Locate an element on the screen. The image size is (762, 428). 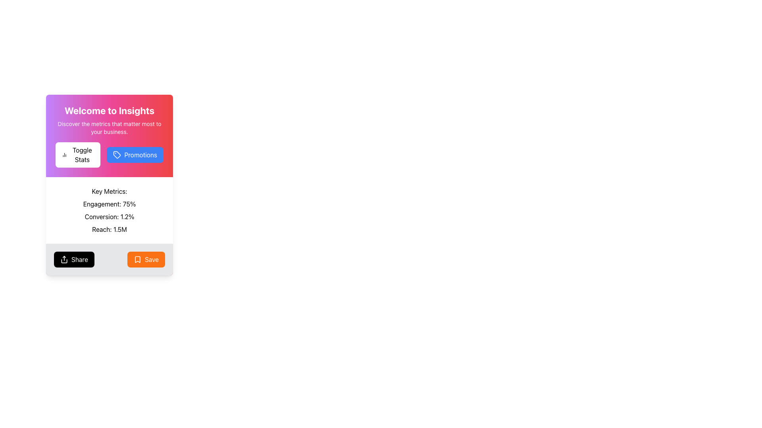
the blue tag-shaped icon with a small filled circle, located to the right of the 'Toggle Stats' button and adjacent to the 'Promotions' button is located at coordinates (117, 155).